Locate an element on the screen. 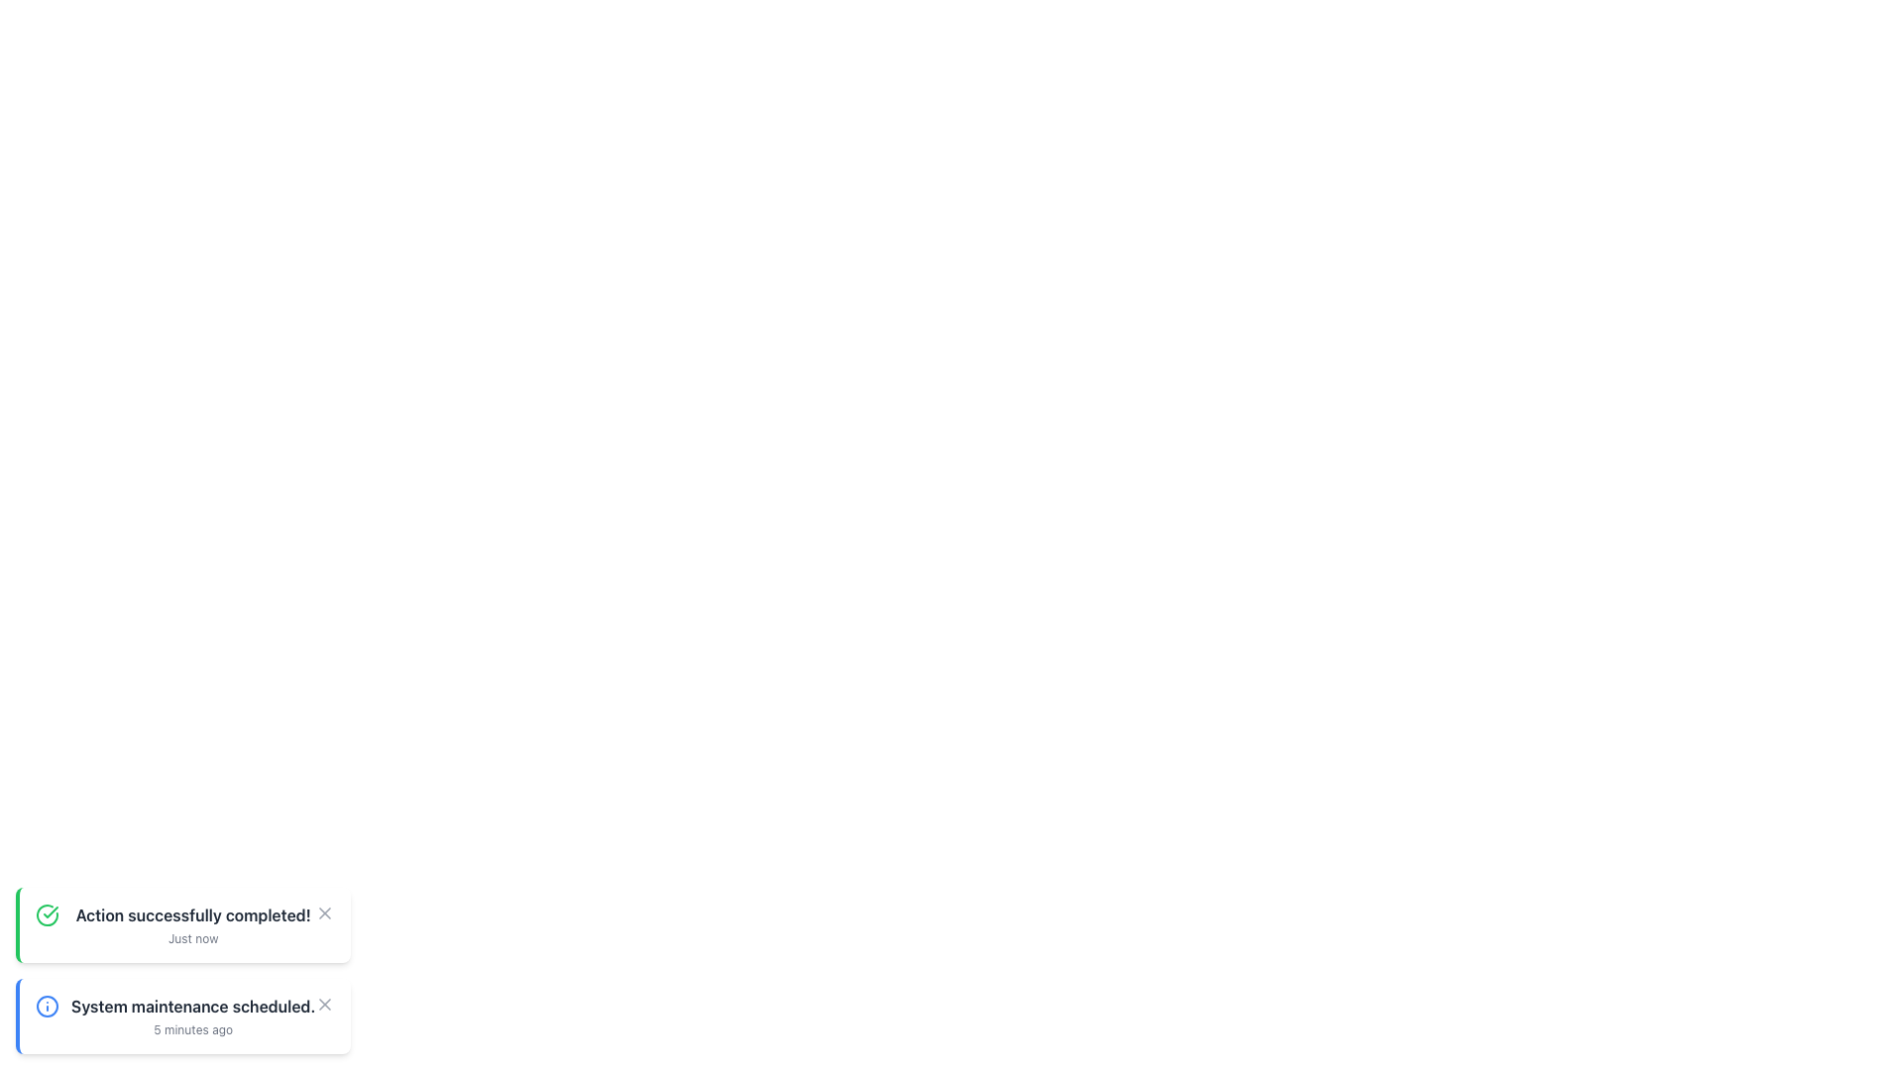 The image size is (1903, 1070). the primary message text element for the notification about scheduled system maintenance, located at the lower part of the interface is located at coordinates (193, 1006).